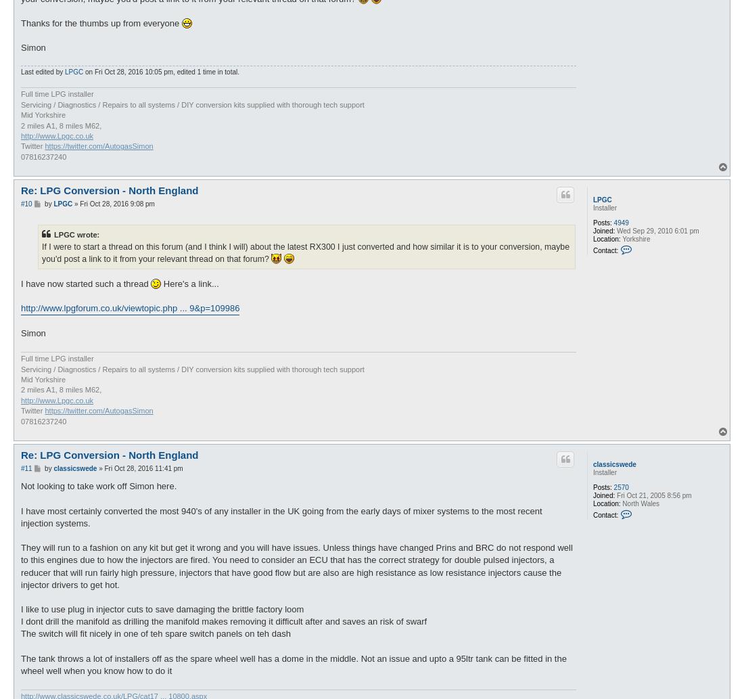  I want to click on 'on Fri Oct 28, 2016 10:05 pm, edited 1 time in total.', so click(83, 71).